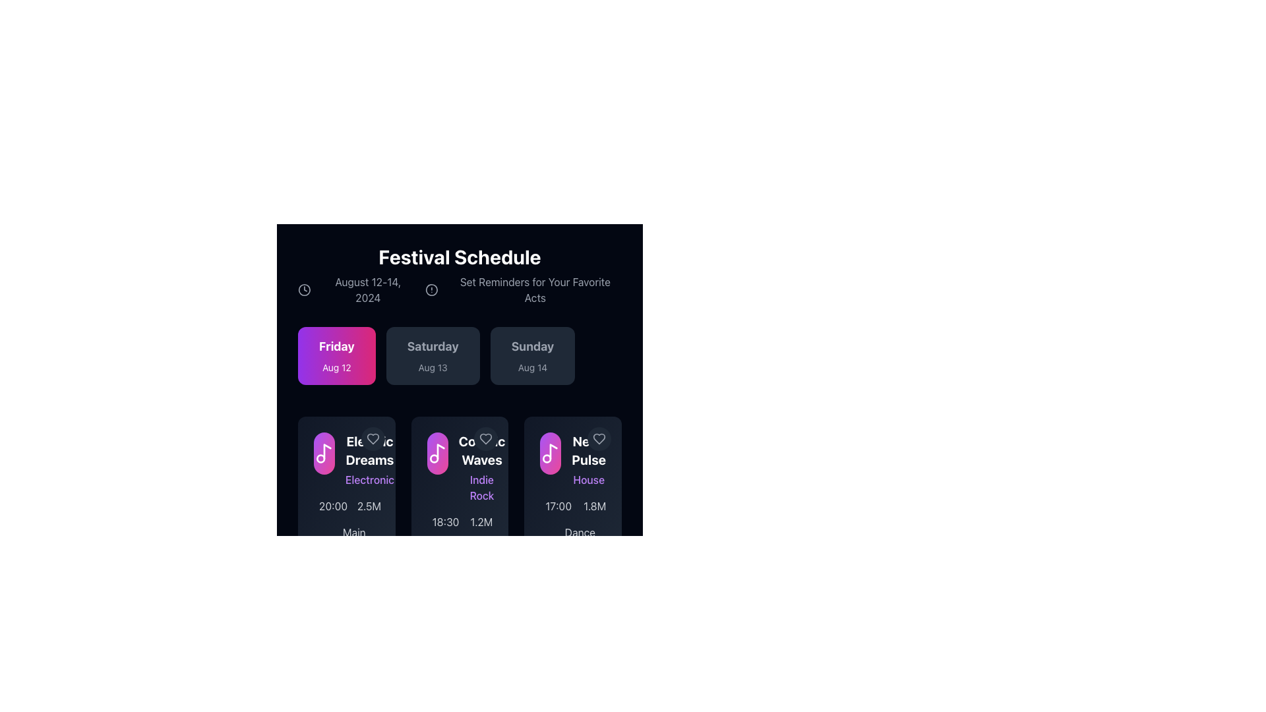 This screenshot has height=712, width=1266. What do you see at coordinates (551, 452) in the screenshot?
I see `the musical icon representing the 'Neon Pulse' music event, which is located in the third column of the musical events section under 'Festival Schedule'` at bounding box center [551, 452].